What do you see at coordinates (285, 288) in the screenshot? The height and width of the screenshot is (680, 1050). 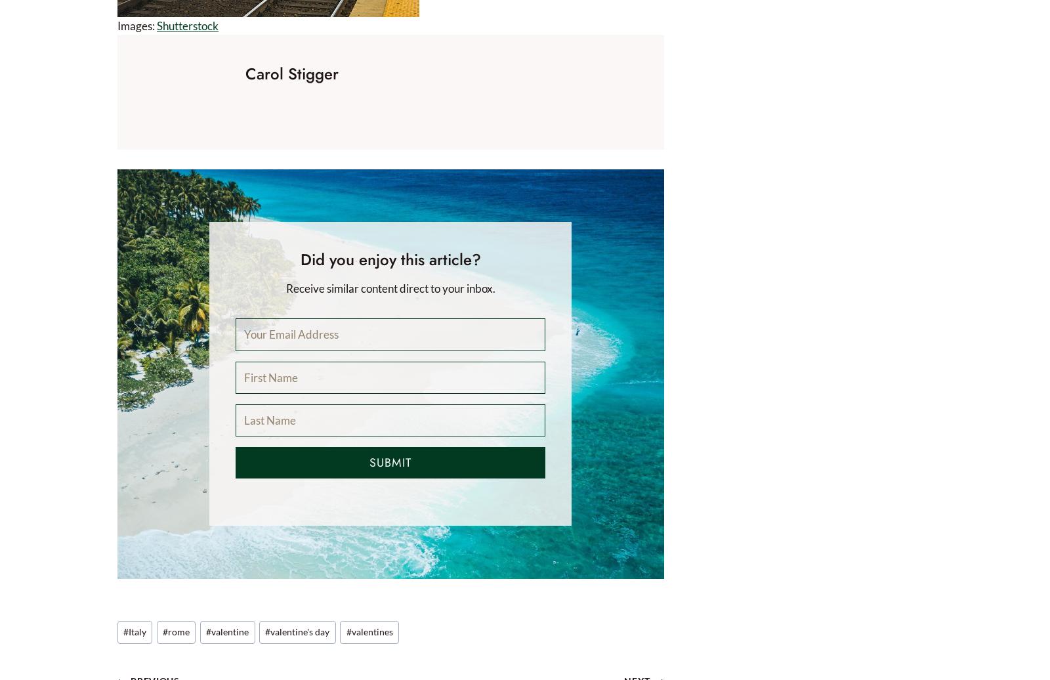 I see `'Receive similar content direct to your inbox.'` at bounding box center [285, 288].